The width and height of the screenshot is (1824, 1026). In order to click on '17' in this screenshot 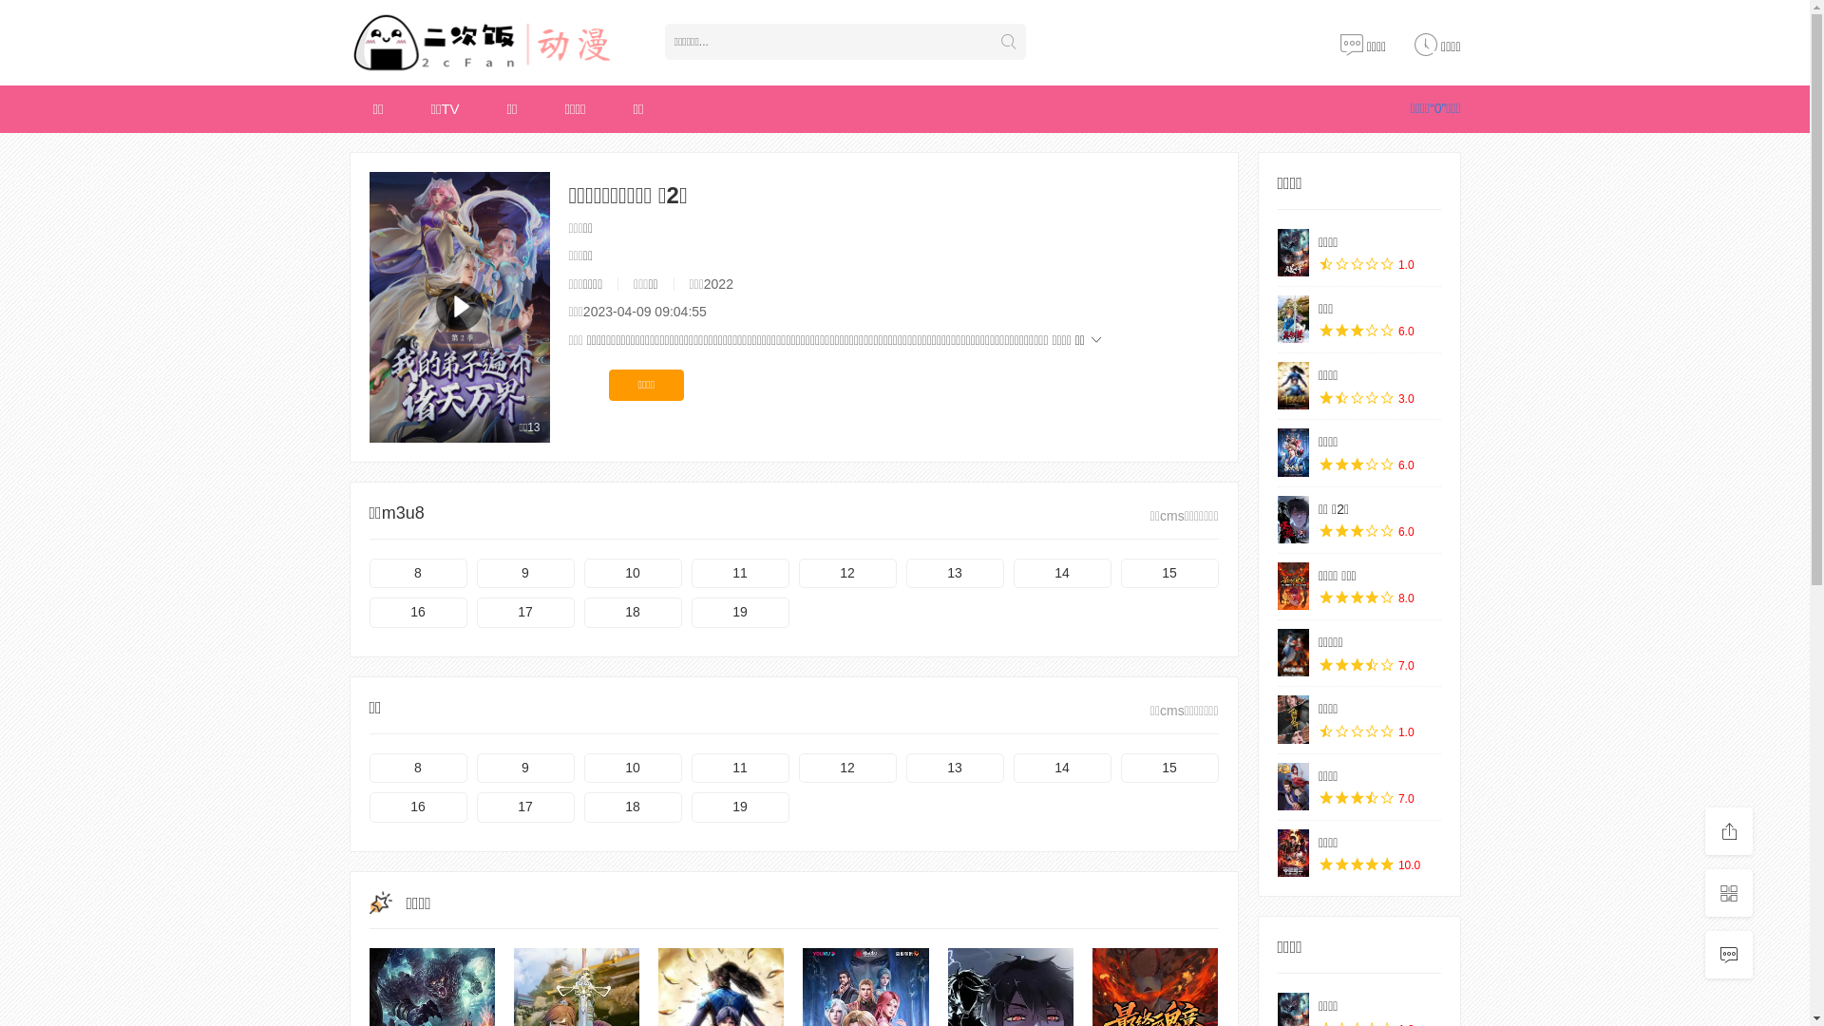, I will do `click(477, 807)`.